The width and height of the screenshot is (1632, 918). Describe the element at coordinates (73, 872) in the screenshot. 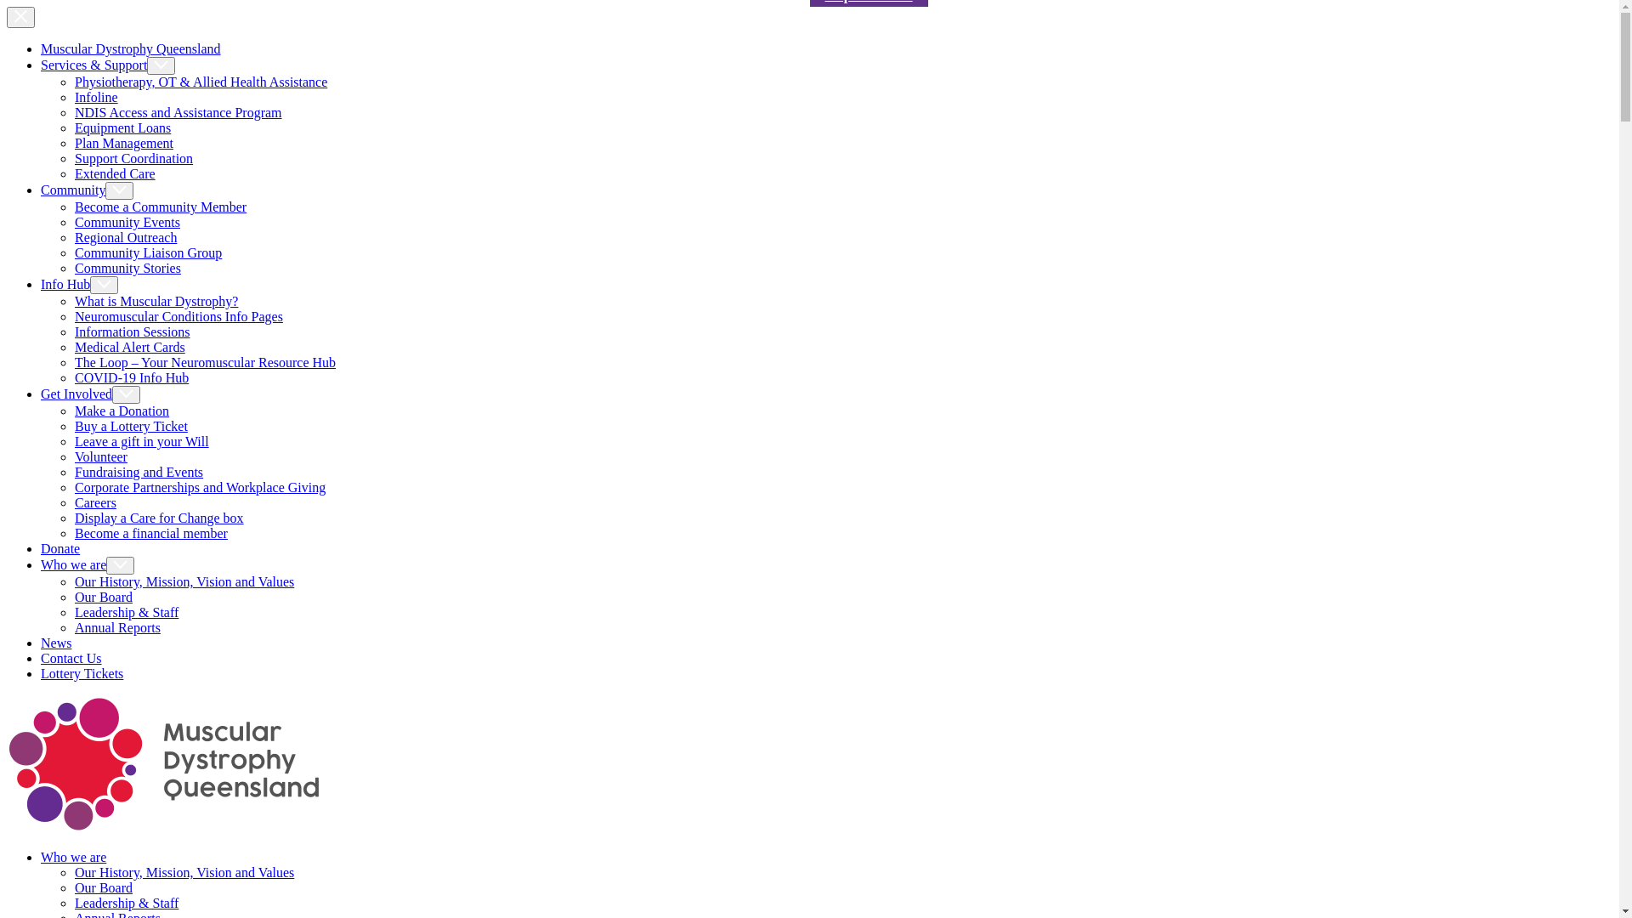

I see `'Our History, Mission, Vision and Values'` at that location.